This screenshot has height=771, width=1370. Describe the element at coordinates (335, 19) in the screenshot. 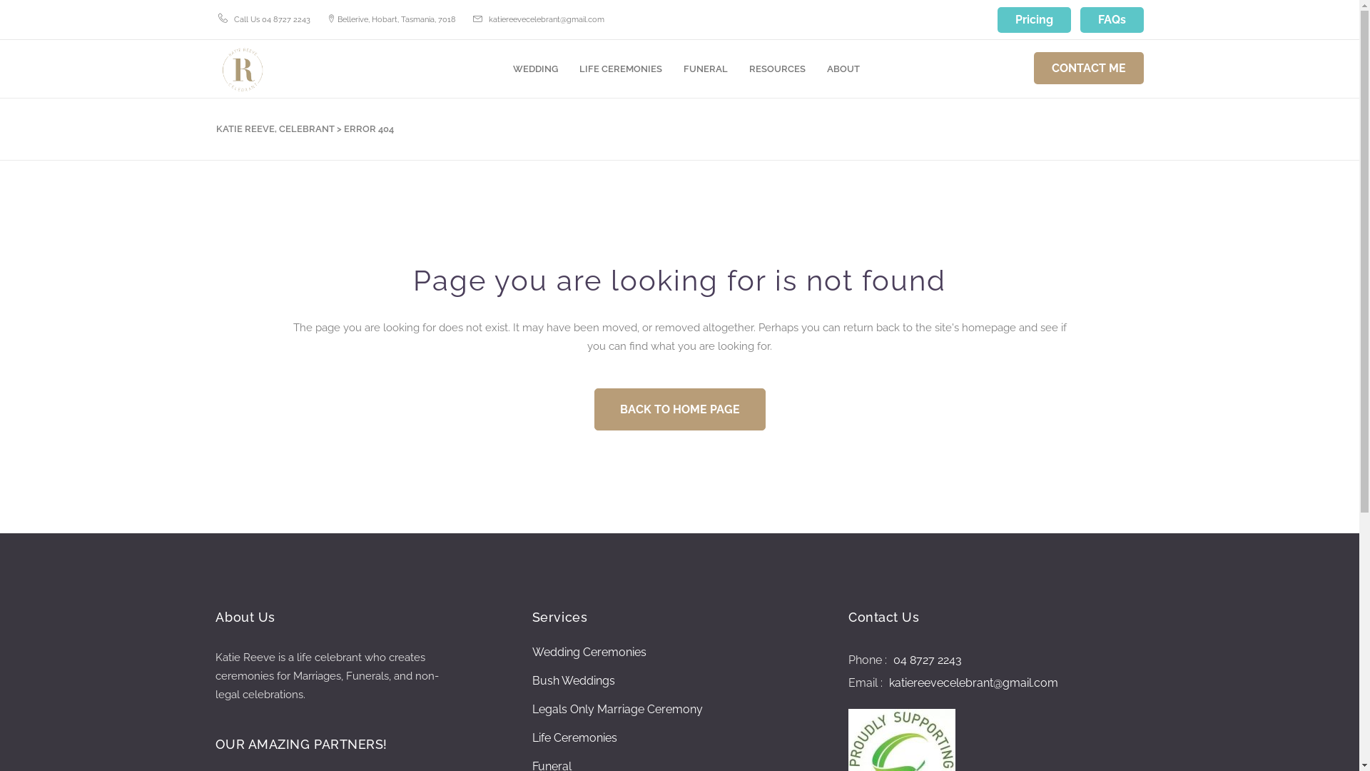

I see `'Bellerive, Hobart, Tasmania, 7018'` at that location.